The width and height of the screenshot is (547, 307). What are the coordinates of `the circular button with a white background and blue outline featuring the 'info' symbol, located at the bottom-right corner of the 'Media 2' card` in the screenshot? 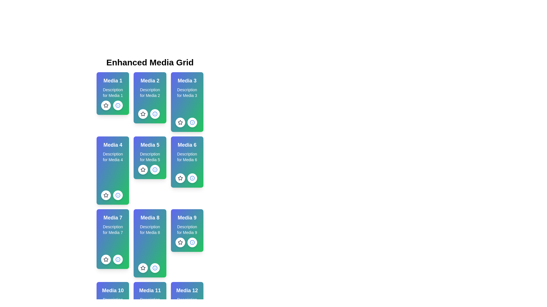 It's located at (155, 114).